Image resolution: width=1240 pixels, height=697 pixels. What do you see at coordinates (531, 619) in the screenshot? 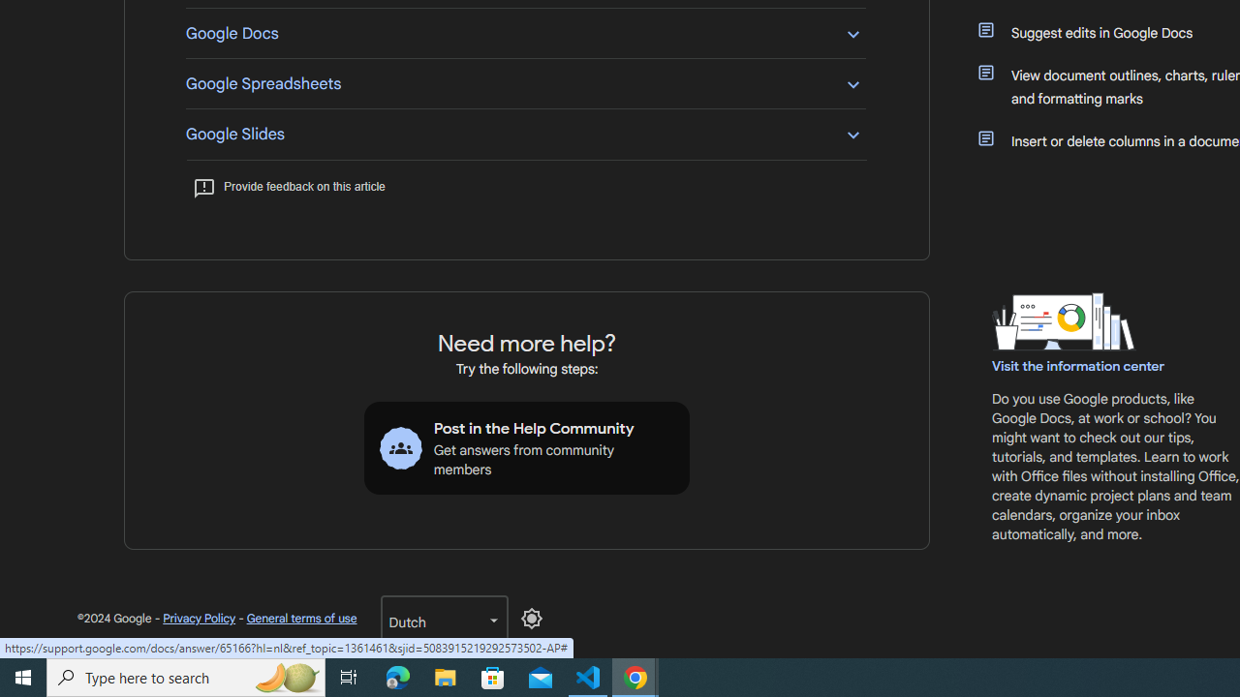
I see `'Disable dark mode'` at bounding box center [531, 619].